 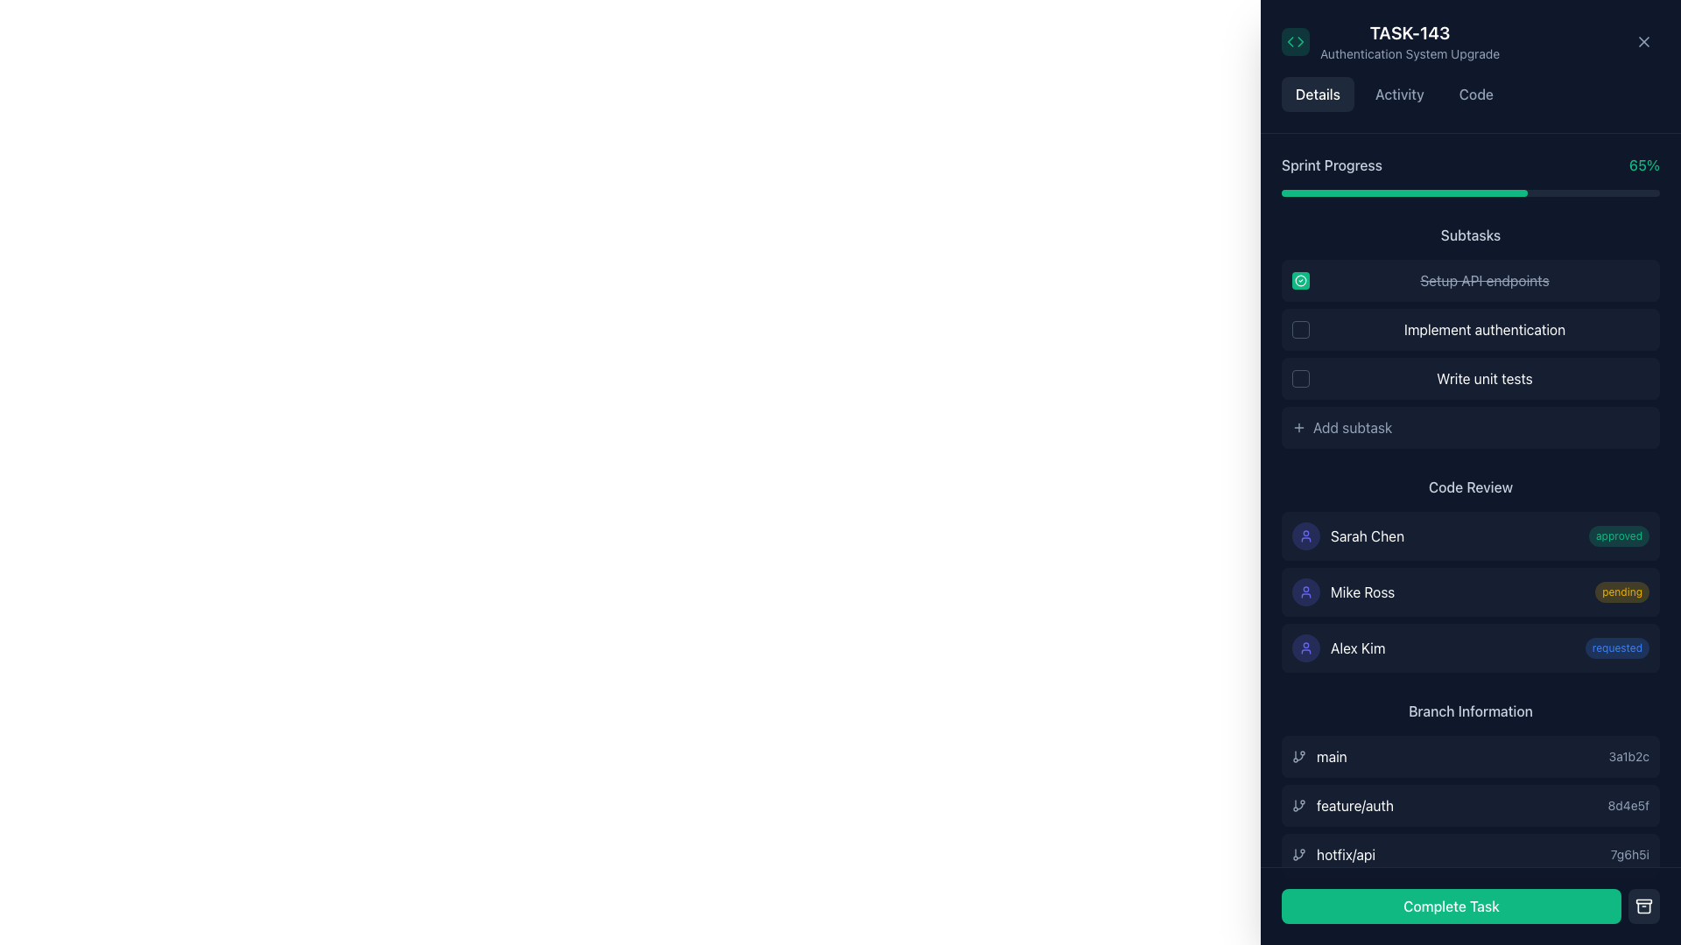 I want to click on the left-facing chevron icon, which is a green triangular arrowhead located in the upper-left corner of the side panel, for interaction, so click(x=1291, y=40).